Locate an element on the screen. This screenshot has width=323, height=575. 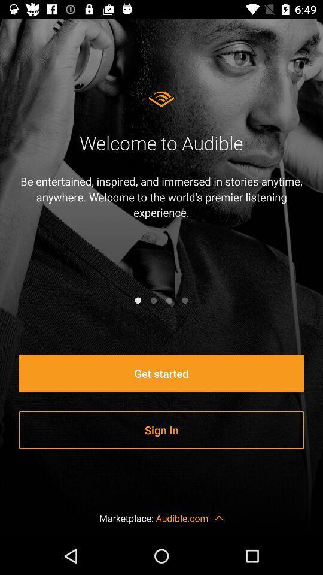
the get started item is located at coordinates (161, 373).